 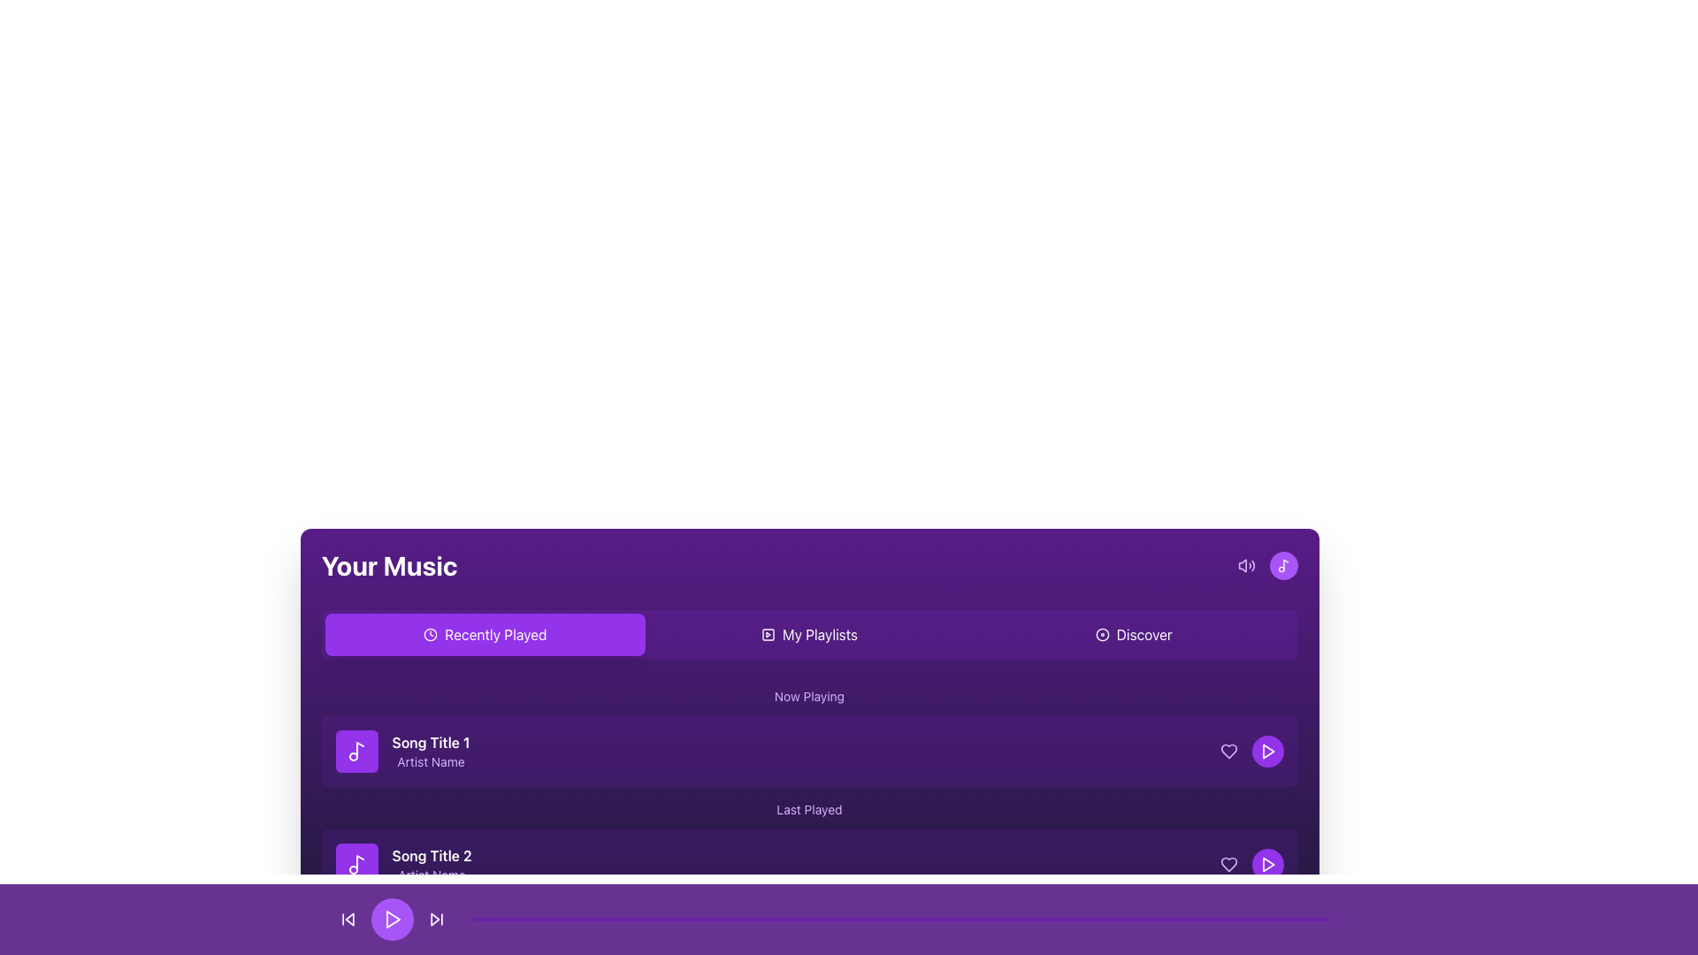 I want to click on the 'Discover' icon, so click(x=1101, y=633).